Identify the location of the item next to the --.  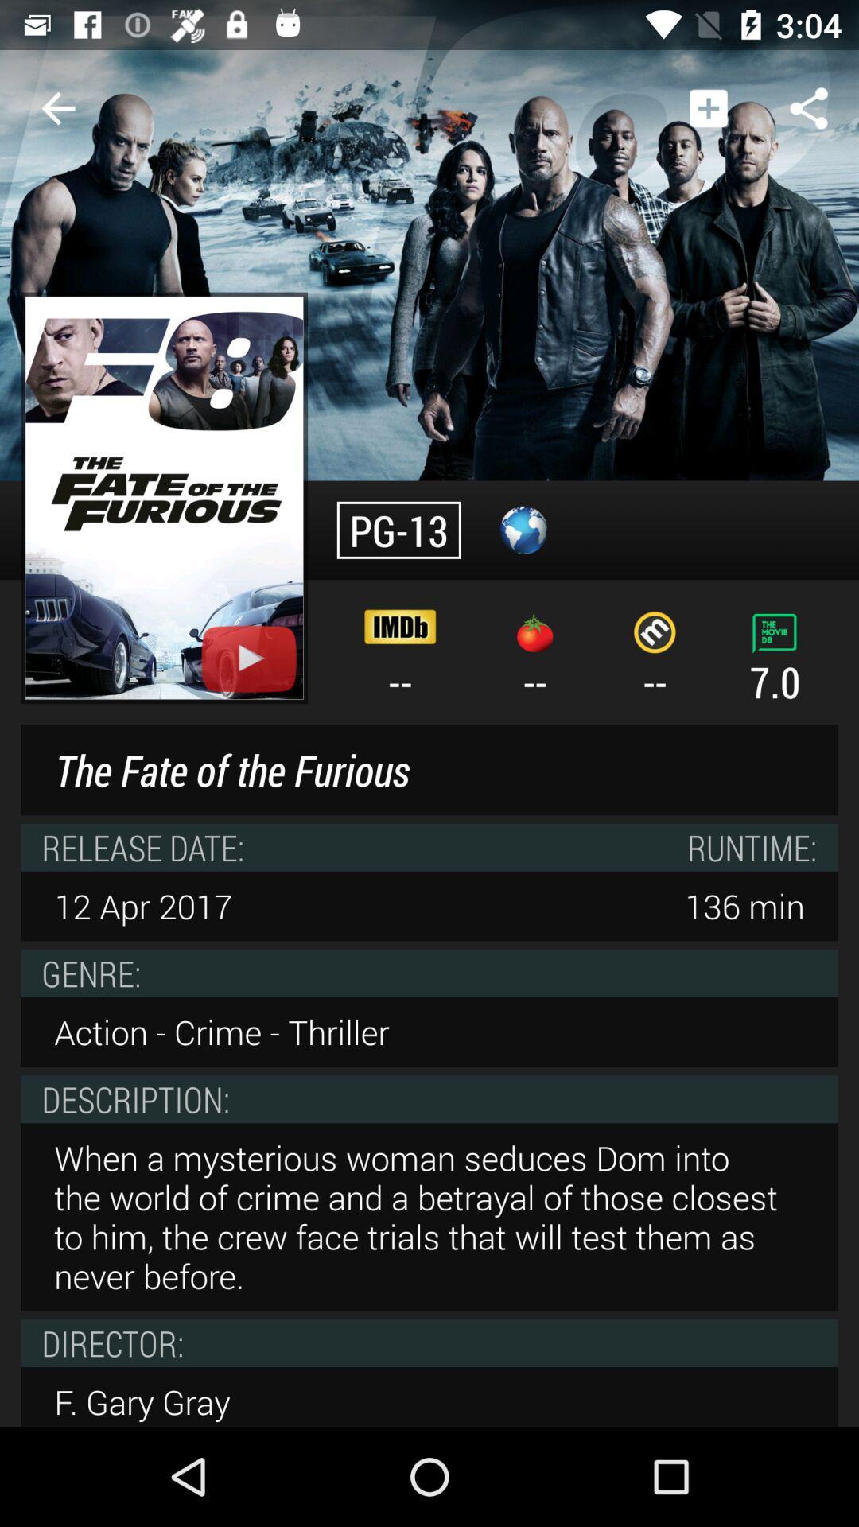
(164, 497).